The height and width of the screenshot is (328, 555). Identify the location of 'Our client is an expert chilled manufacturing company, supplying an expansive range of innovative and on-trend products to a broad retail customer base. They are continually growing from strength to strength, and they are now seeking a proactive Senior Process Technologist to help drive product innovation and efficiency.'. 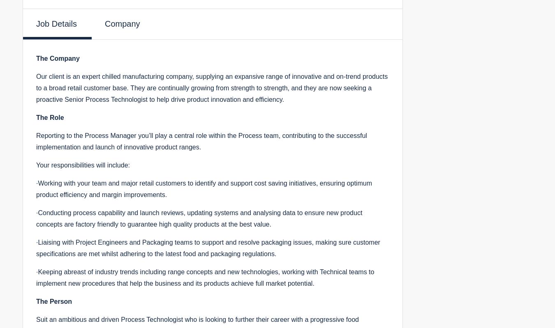
(211, 87).